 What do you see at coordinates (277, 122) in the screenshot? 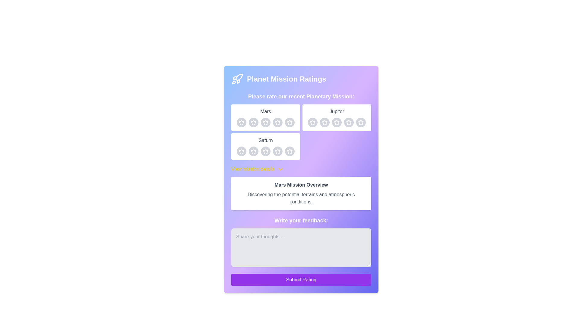
I see `the third star-shaped rating icon for the planet 'Mars' to rate it` at bounding box center [277, 122].